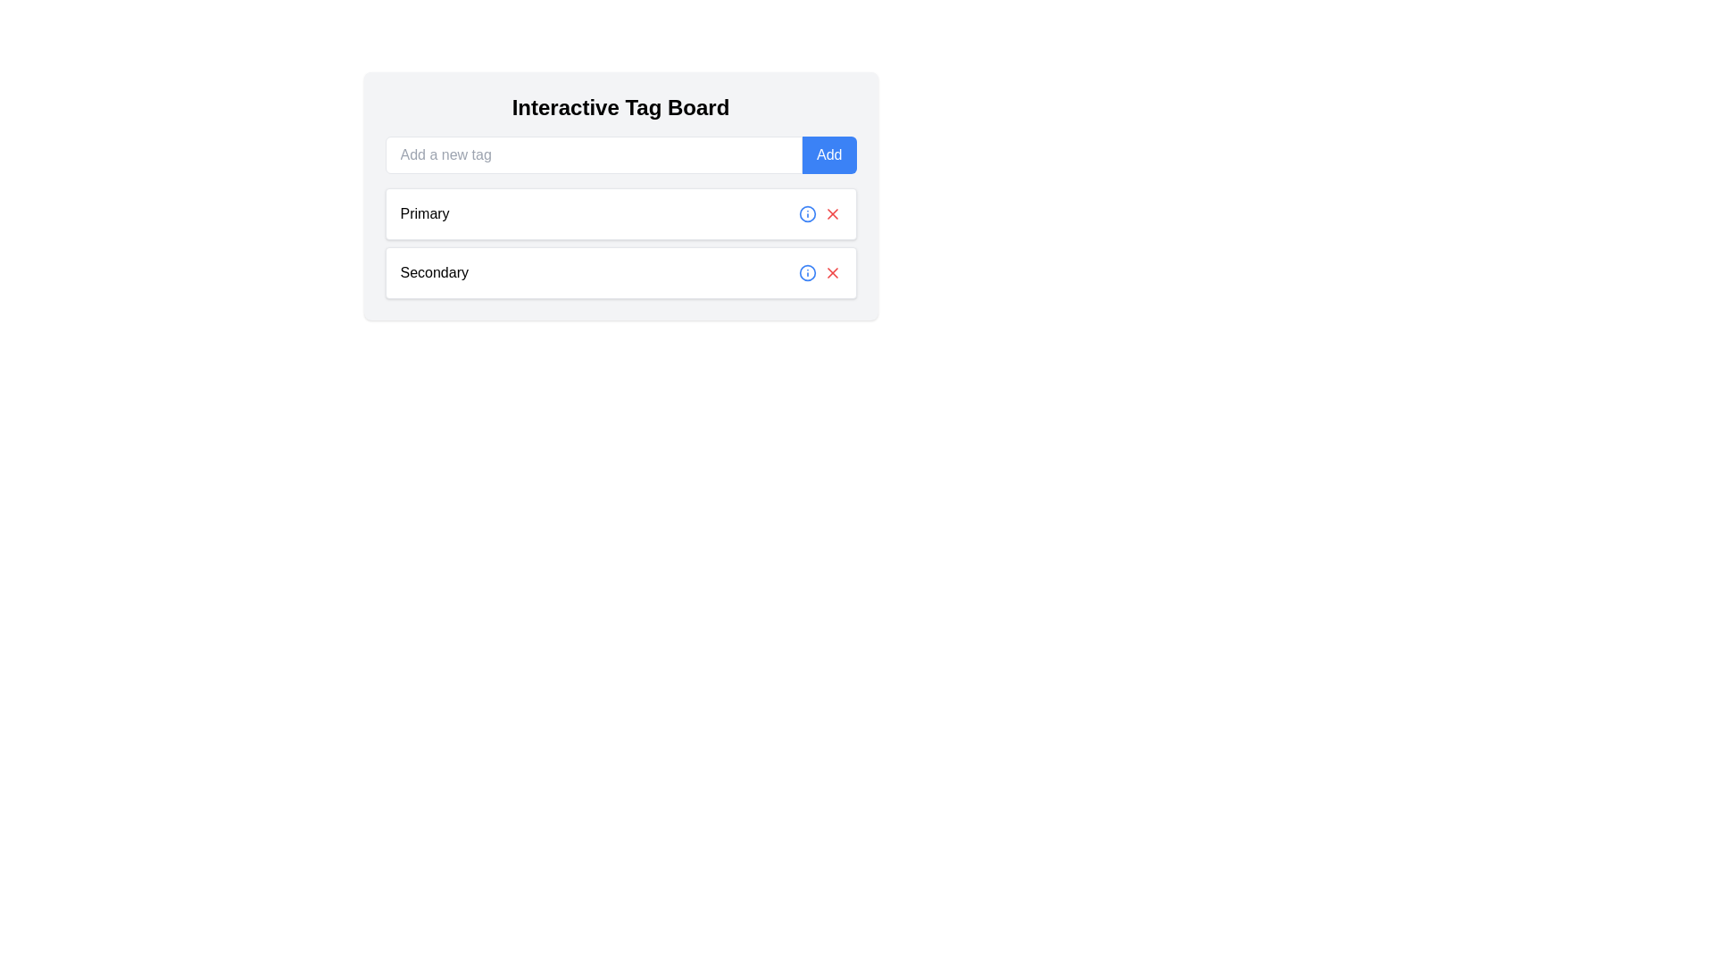 The height and width of the screenshot is (964, 1714). I want to click on the delete button associated with the 'Secondary' tag located to the right of a blue icon button in the tag board, so click(831, 272).